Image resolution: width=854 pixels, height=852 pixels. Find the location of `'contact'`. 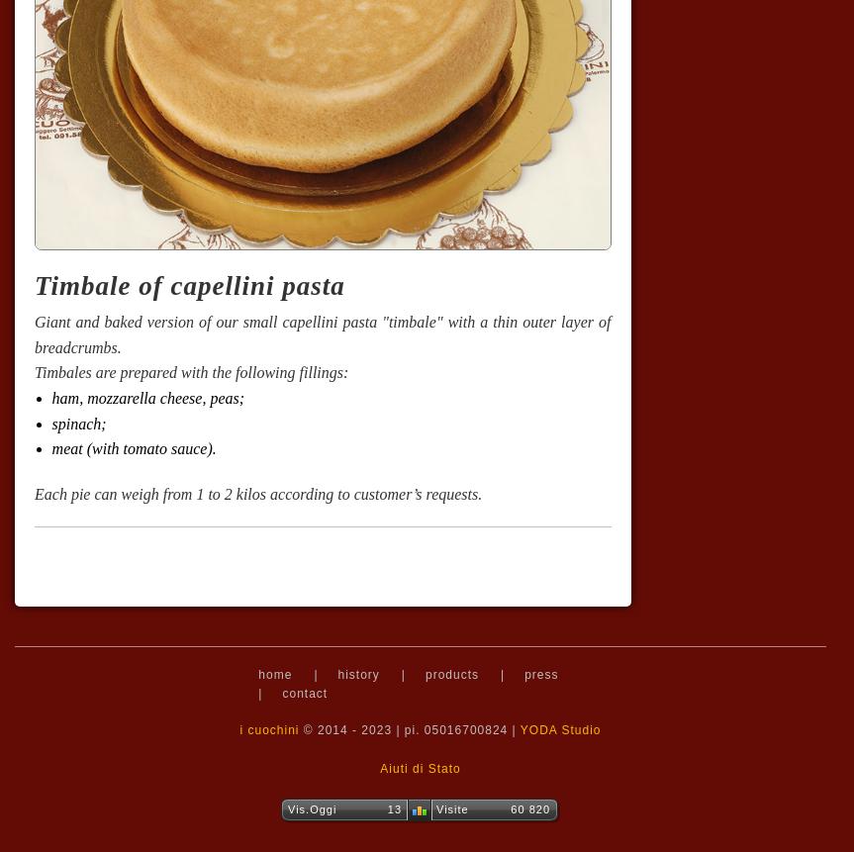

'contact' is located at coordinates (280, 693).